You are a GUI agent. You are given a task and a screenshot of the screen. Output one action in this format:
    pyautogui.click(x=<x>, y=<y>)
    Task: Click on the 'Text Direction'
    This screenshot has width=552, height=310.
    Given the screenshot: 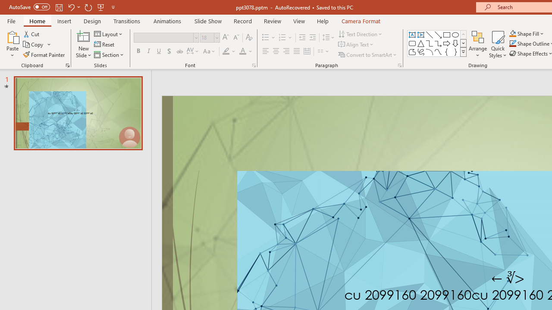 What is the action you would take?
    pyautogui.click(x=361, y=34)
    